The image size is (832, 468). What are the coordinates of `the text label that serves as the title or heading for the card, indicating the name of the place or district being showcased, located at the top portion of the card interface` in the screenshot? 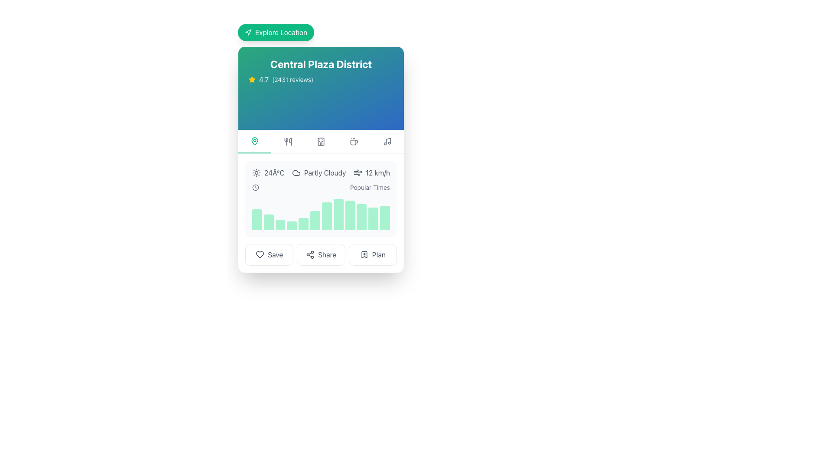 It's located at (320, 63).